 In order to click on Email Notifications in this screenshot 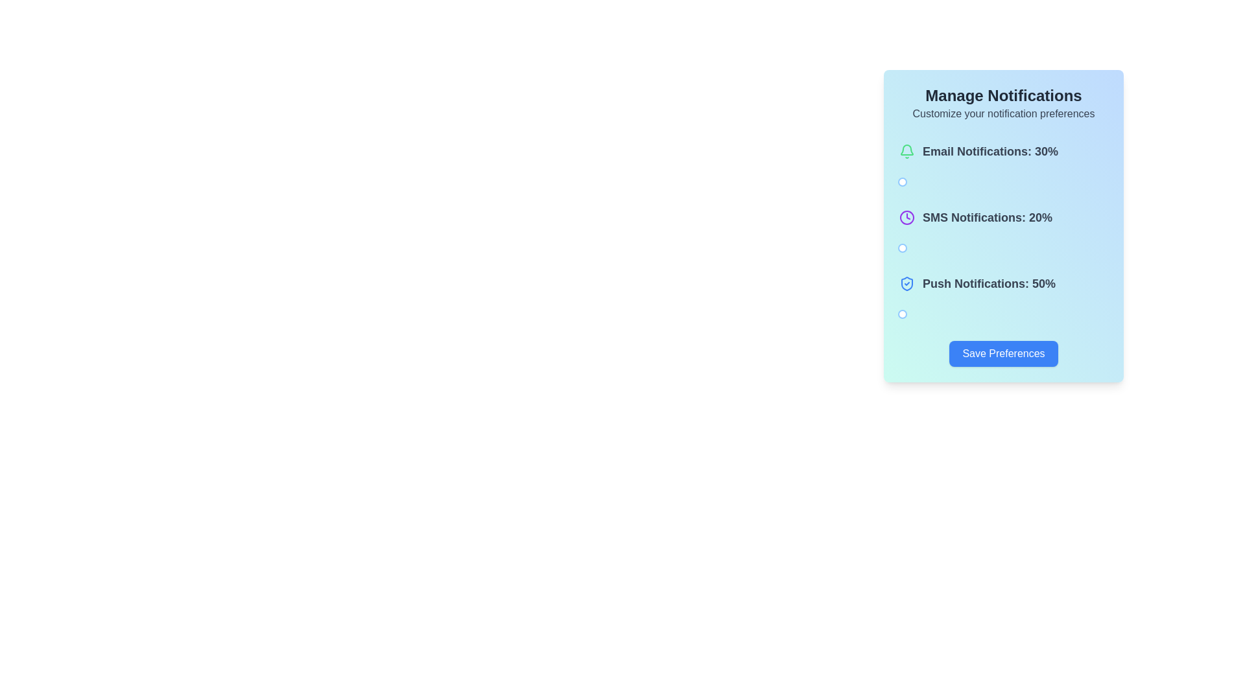, I will do `click(915, 182)`.